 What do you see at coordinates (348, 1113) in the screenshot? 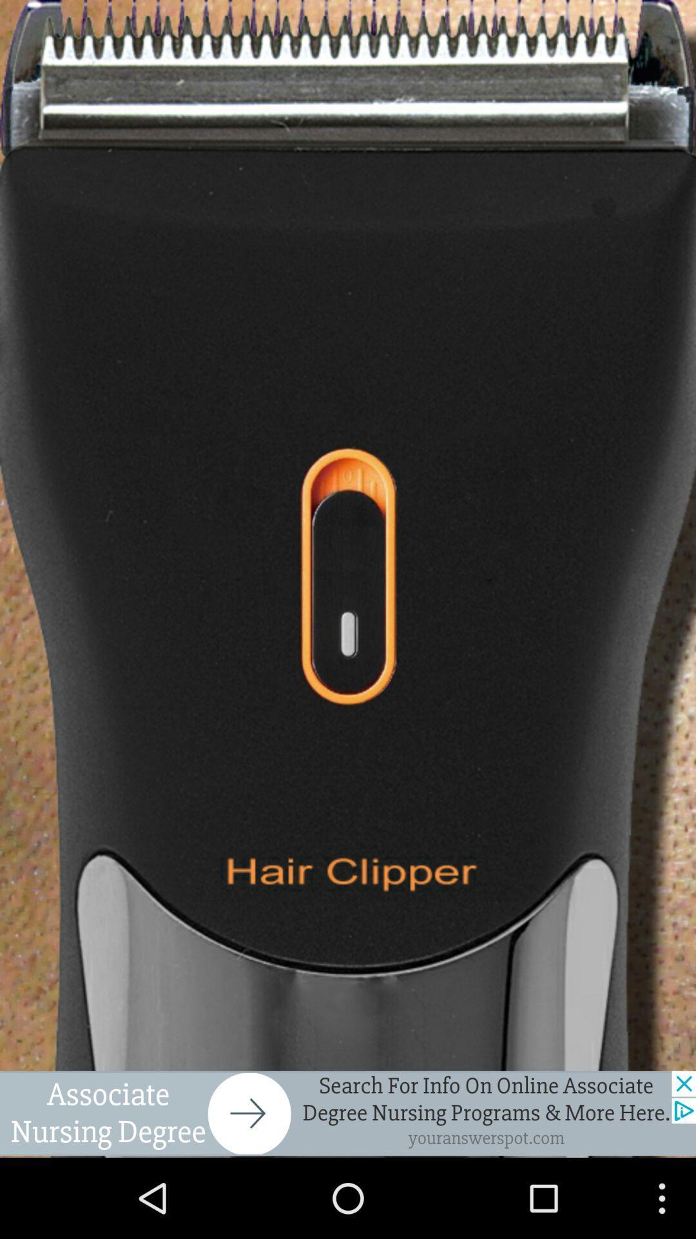
I see `nurse degree advertisement` at bounding box center [348, 1113].